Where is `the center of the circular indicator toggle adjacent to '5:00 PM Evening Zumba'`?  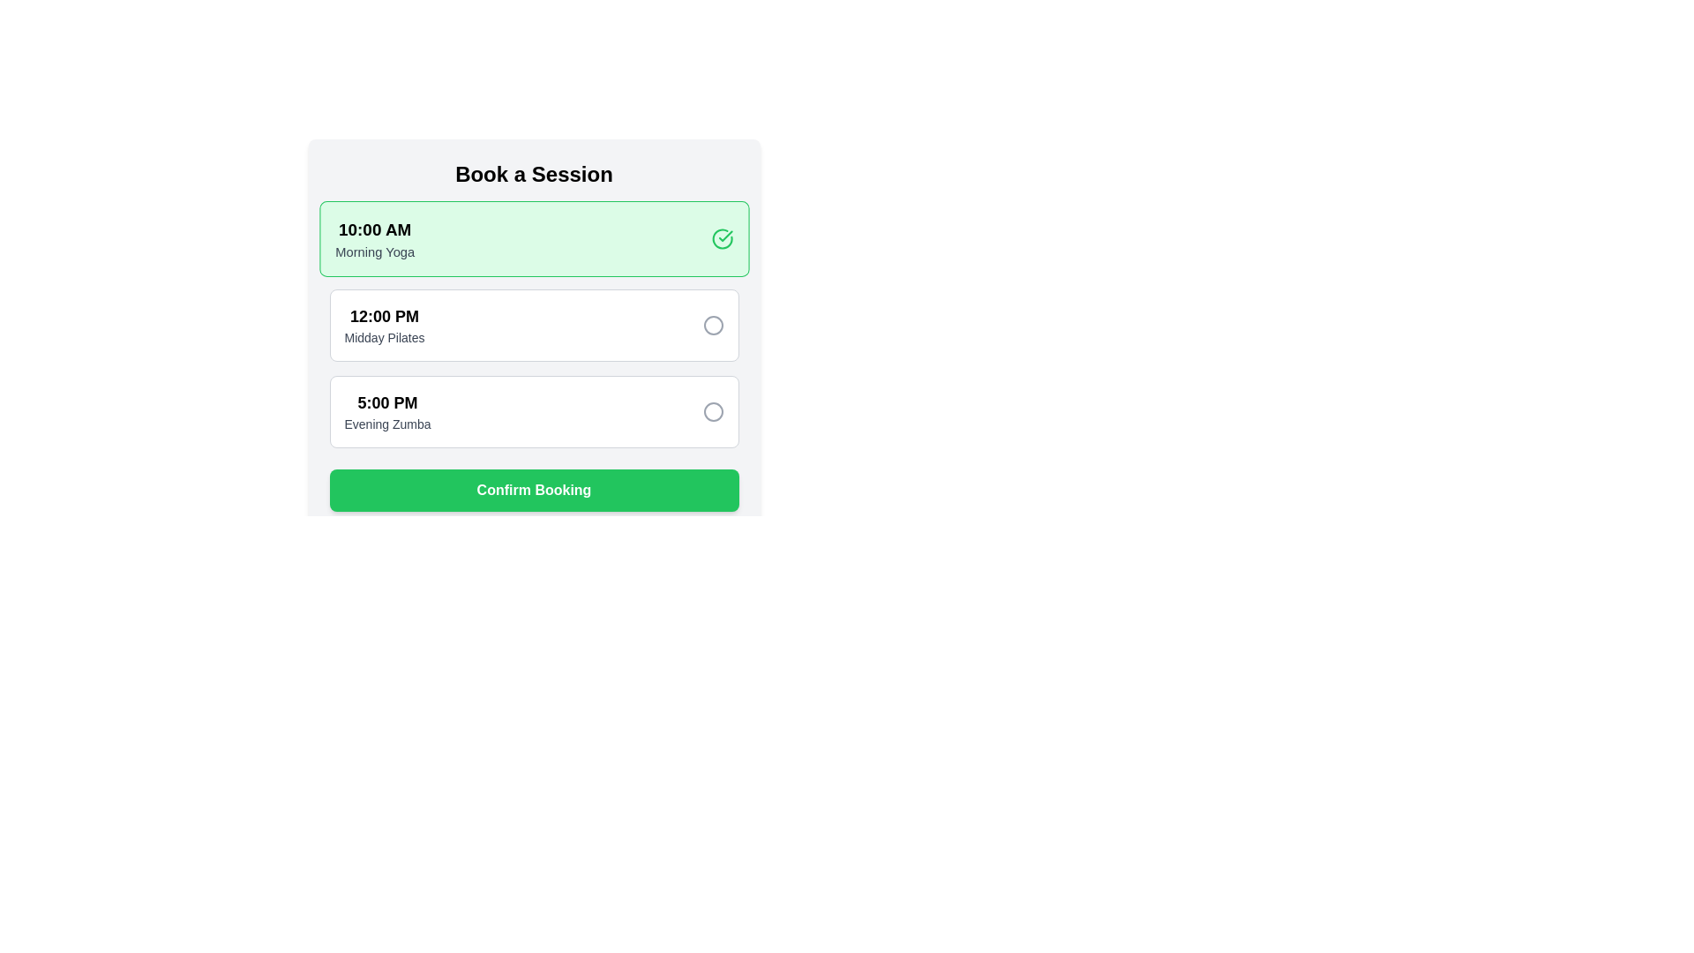 the center of the circular indicator toggle adjacent to '5:00 PM Evening Zumba' is located at coordinates (713, 411).